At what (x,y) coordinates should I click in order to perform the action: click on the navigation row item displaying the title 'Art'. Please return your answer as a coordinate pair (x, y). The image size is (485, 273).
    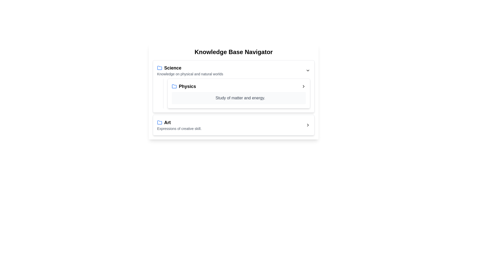
    Looking at the image, I should click on (233, 125).